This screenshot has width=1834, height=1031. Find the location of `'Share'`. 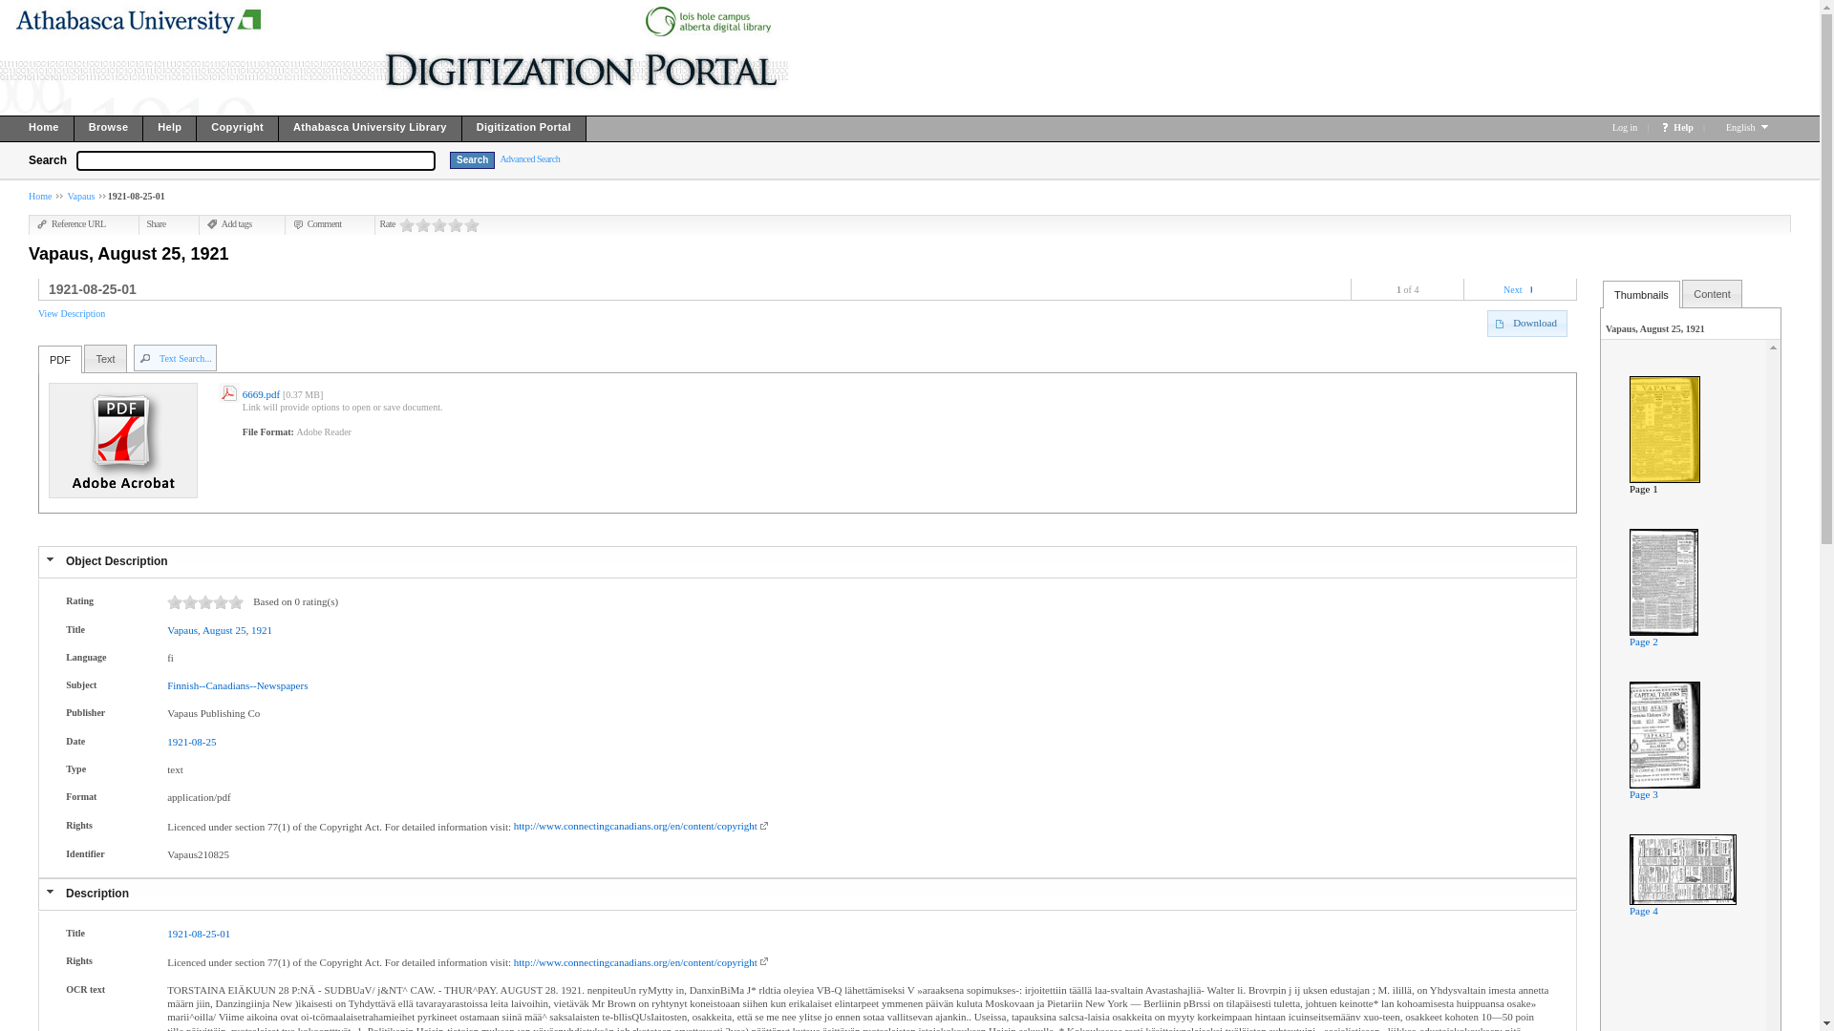

'Share' is located at coordinates (156, 222).